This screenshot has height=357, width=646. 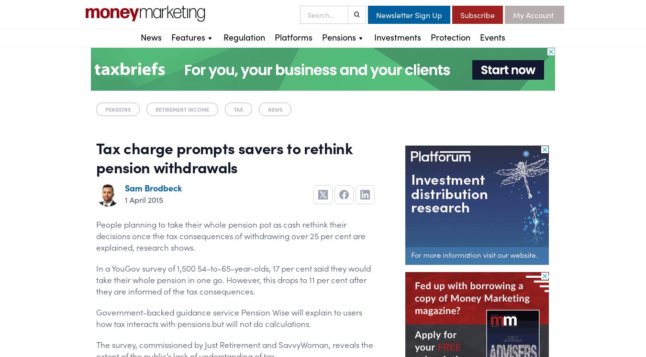 What do you see at coordinates (460, 14) in the screenshot?
I see `'Subscribe'` at bounding box center [460, 14].